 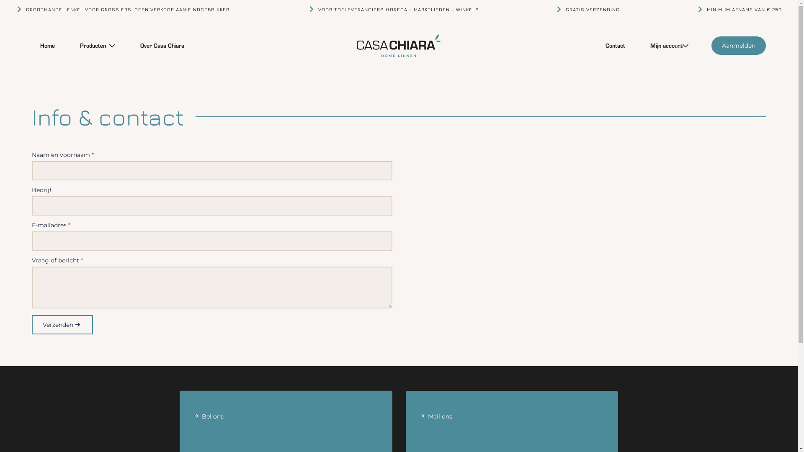 What do you see at coordinates (615, 45) in the screenshot?
I see `'Contact'` at bounding box center [615, 45].